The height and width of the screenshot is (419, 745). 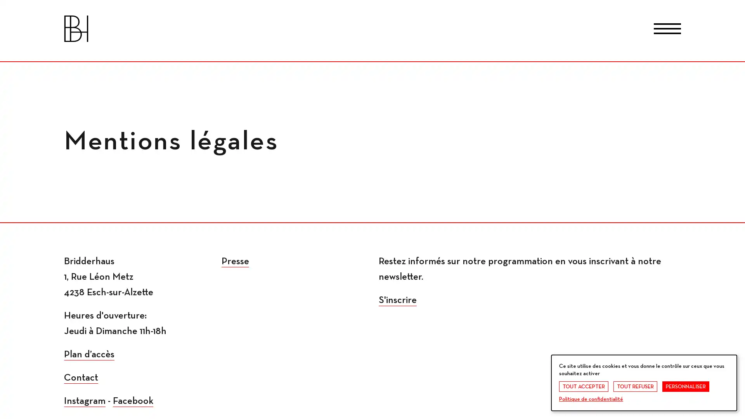 What do you see at coordinates (584, 386) in the screenshot?
I see `TOUT ACCEPTER` at bounding box center [584, 386].